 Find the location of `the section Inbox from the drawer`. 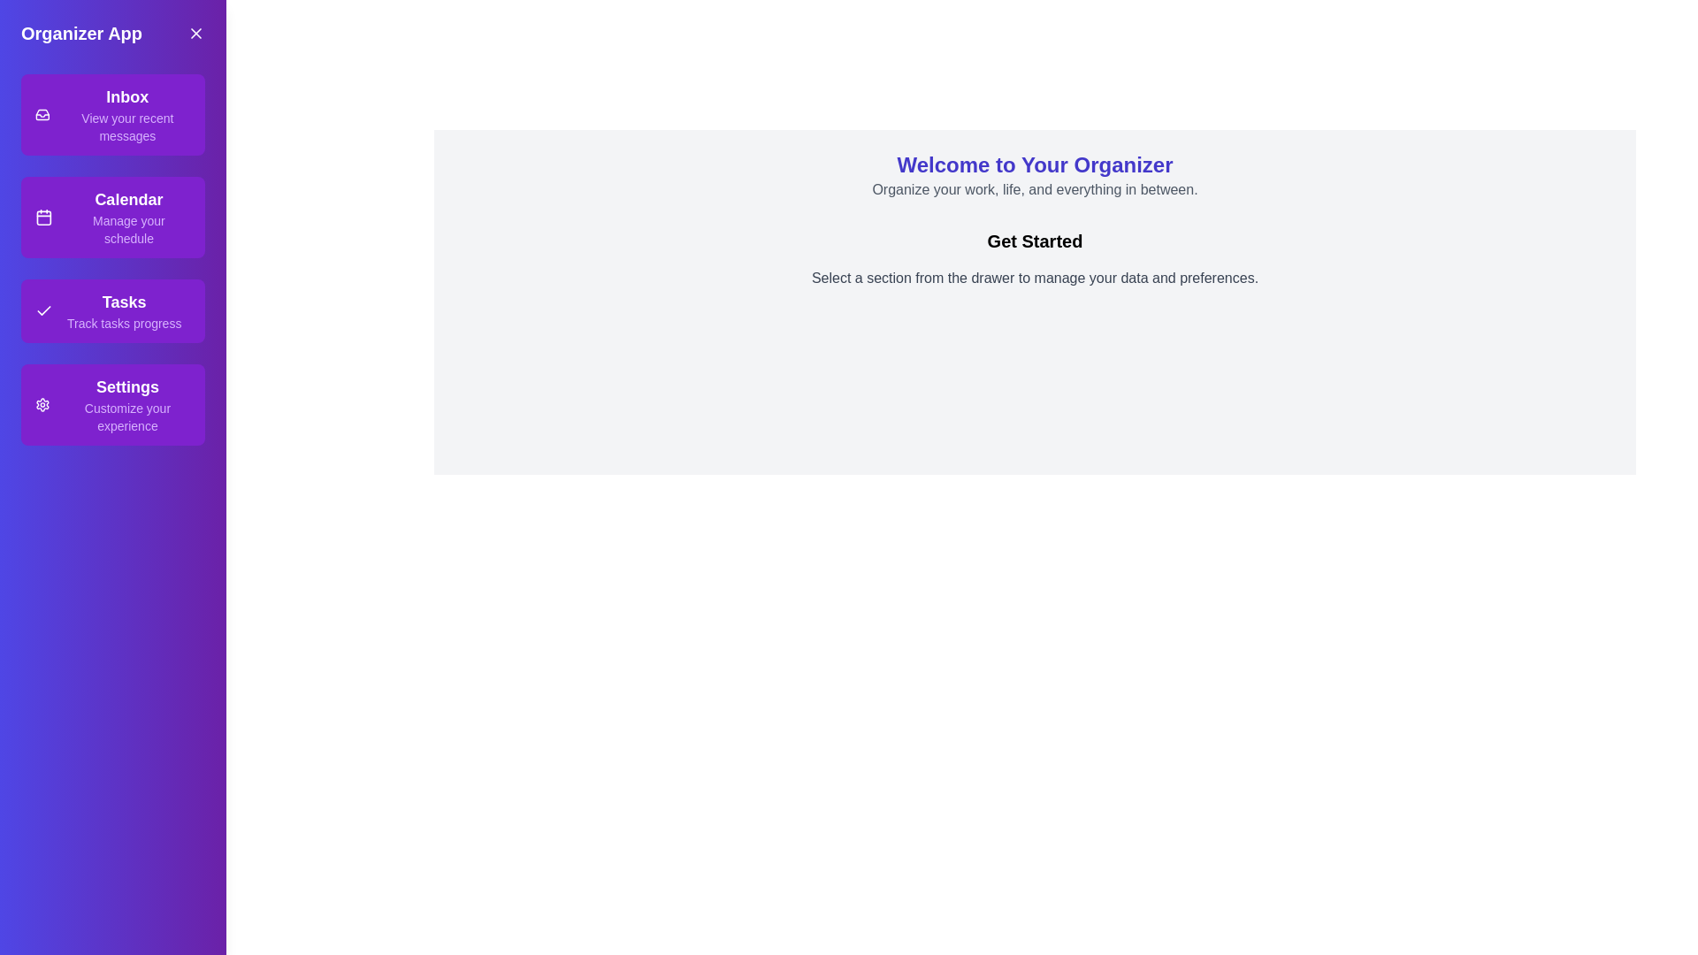

the section Inbox from the drawer is located at coordinates (112, 115).